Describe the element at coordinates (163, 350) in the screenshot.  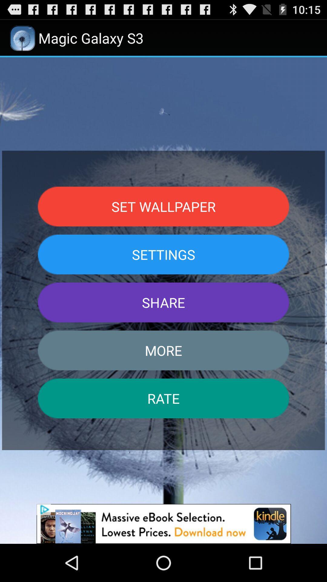
I see `more item` at that location.